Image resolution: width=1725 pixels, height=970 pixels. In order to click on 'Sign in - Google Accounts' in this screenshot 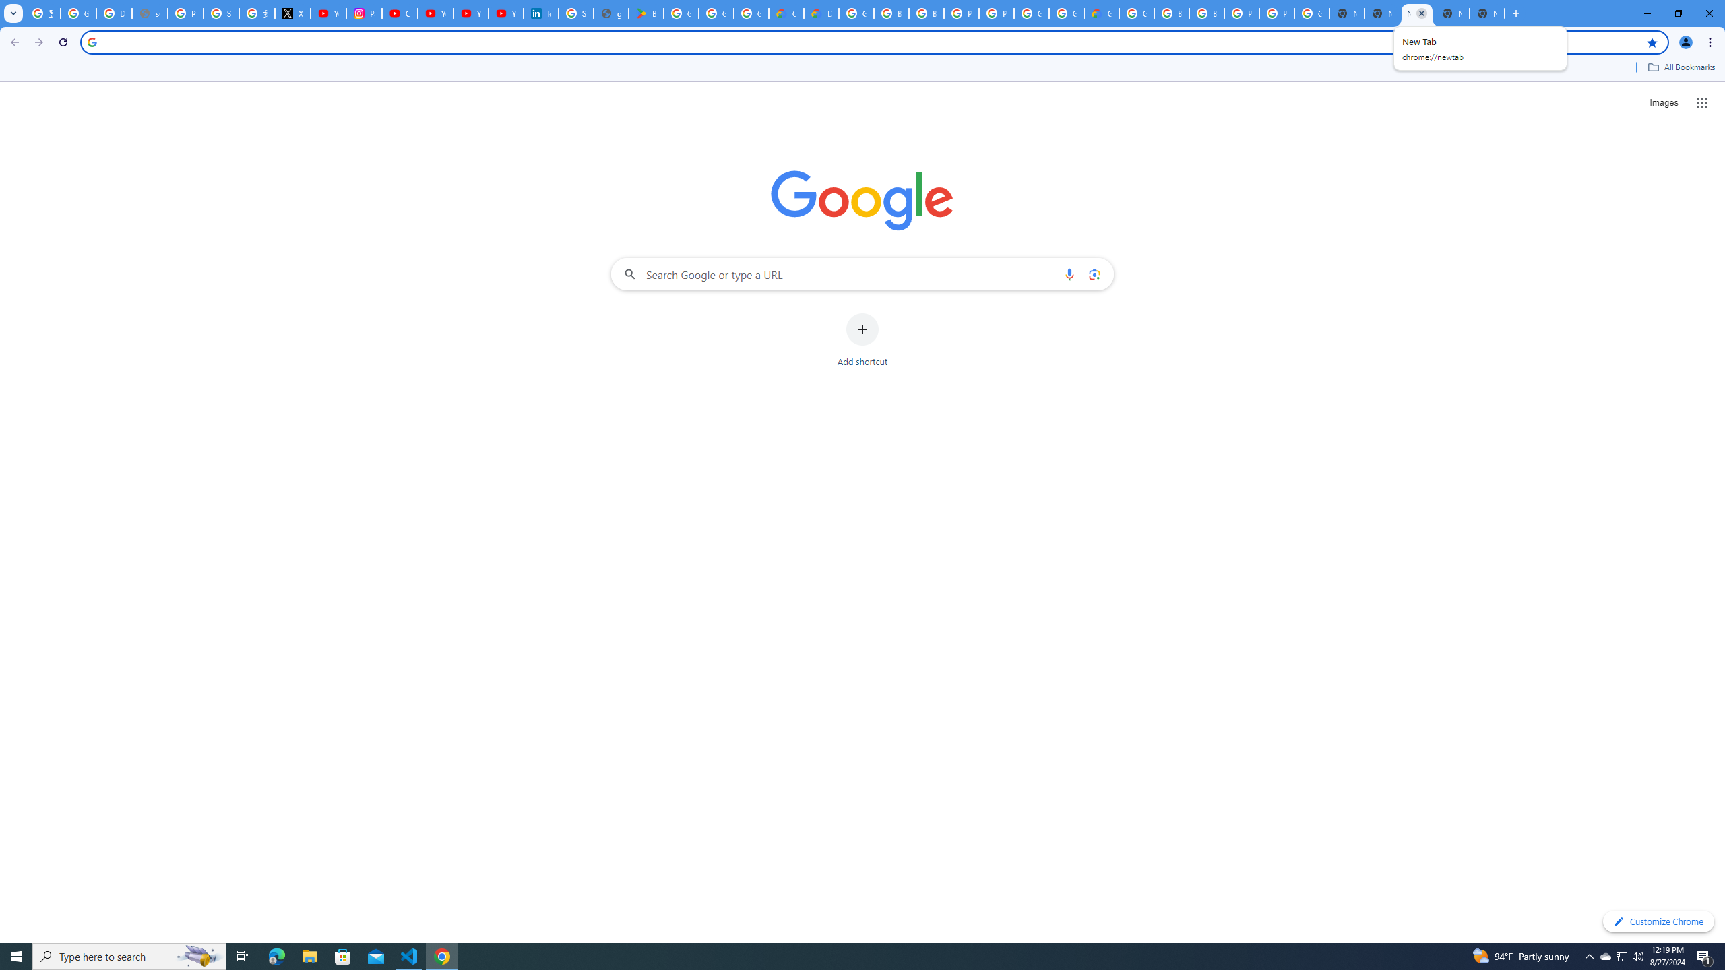, I will do `click(220, 13)`.